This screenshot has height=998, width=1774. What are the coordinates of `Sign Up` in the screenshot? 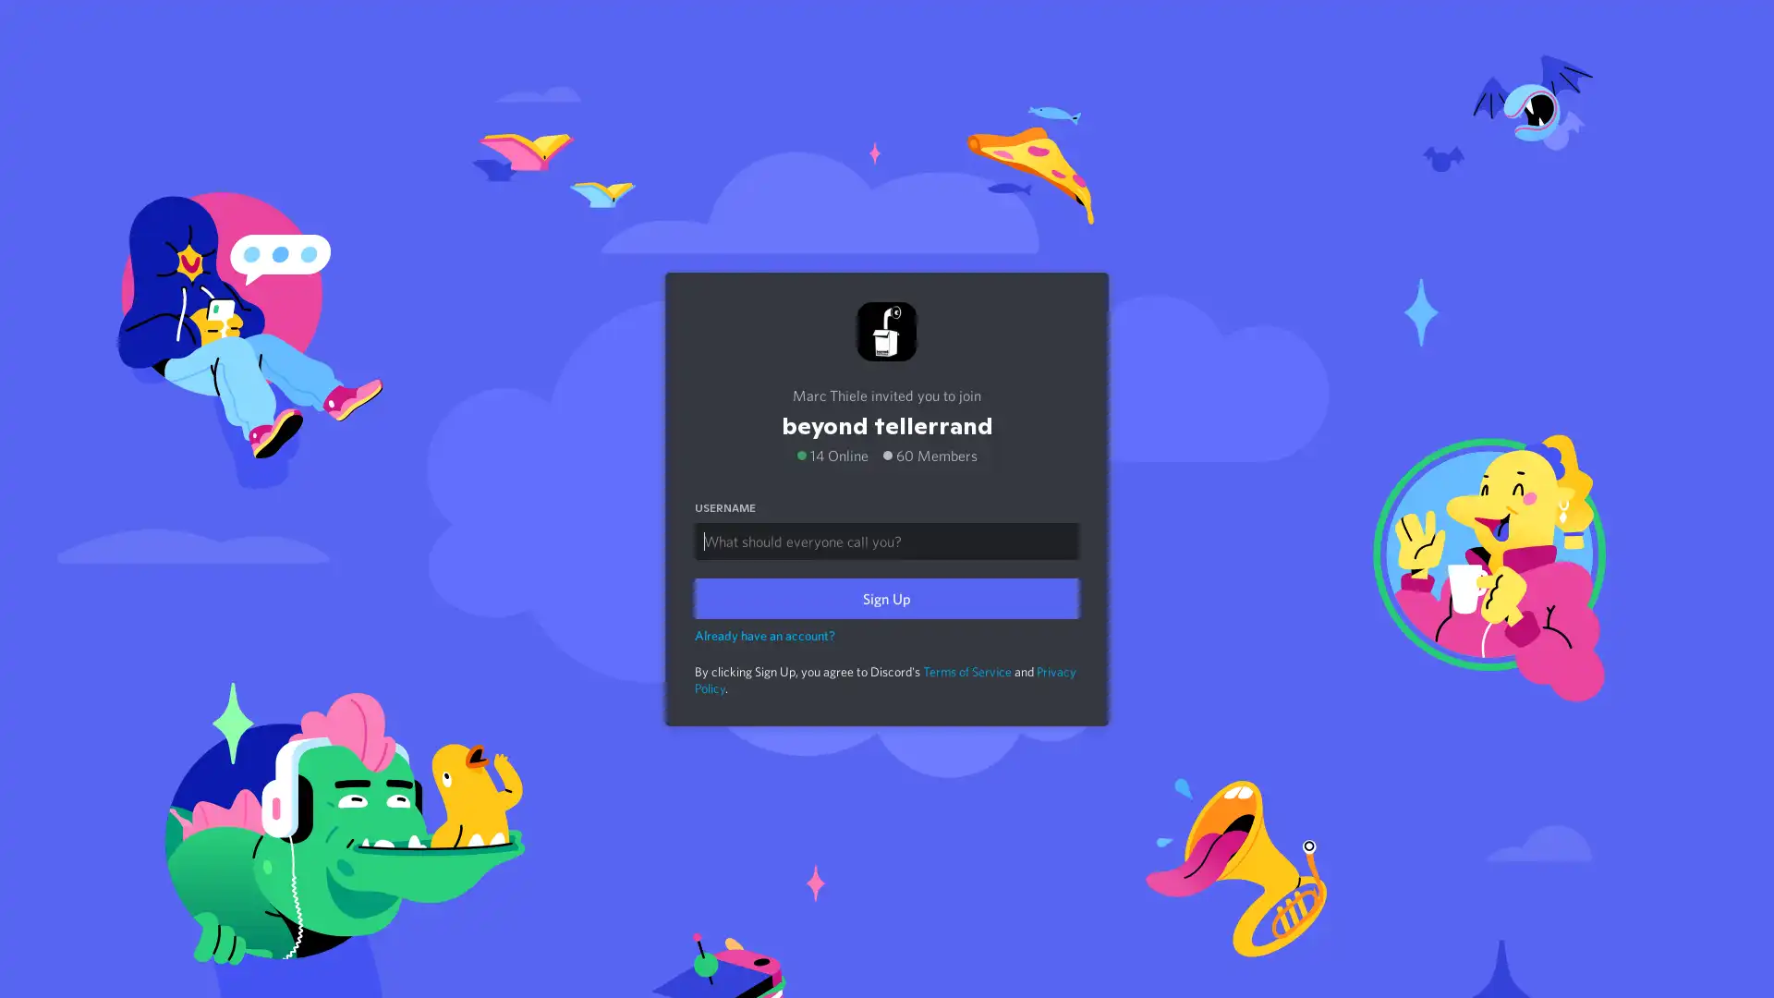 It's located at (887, 598).